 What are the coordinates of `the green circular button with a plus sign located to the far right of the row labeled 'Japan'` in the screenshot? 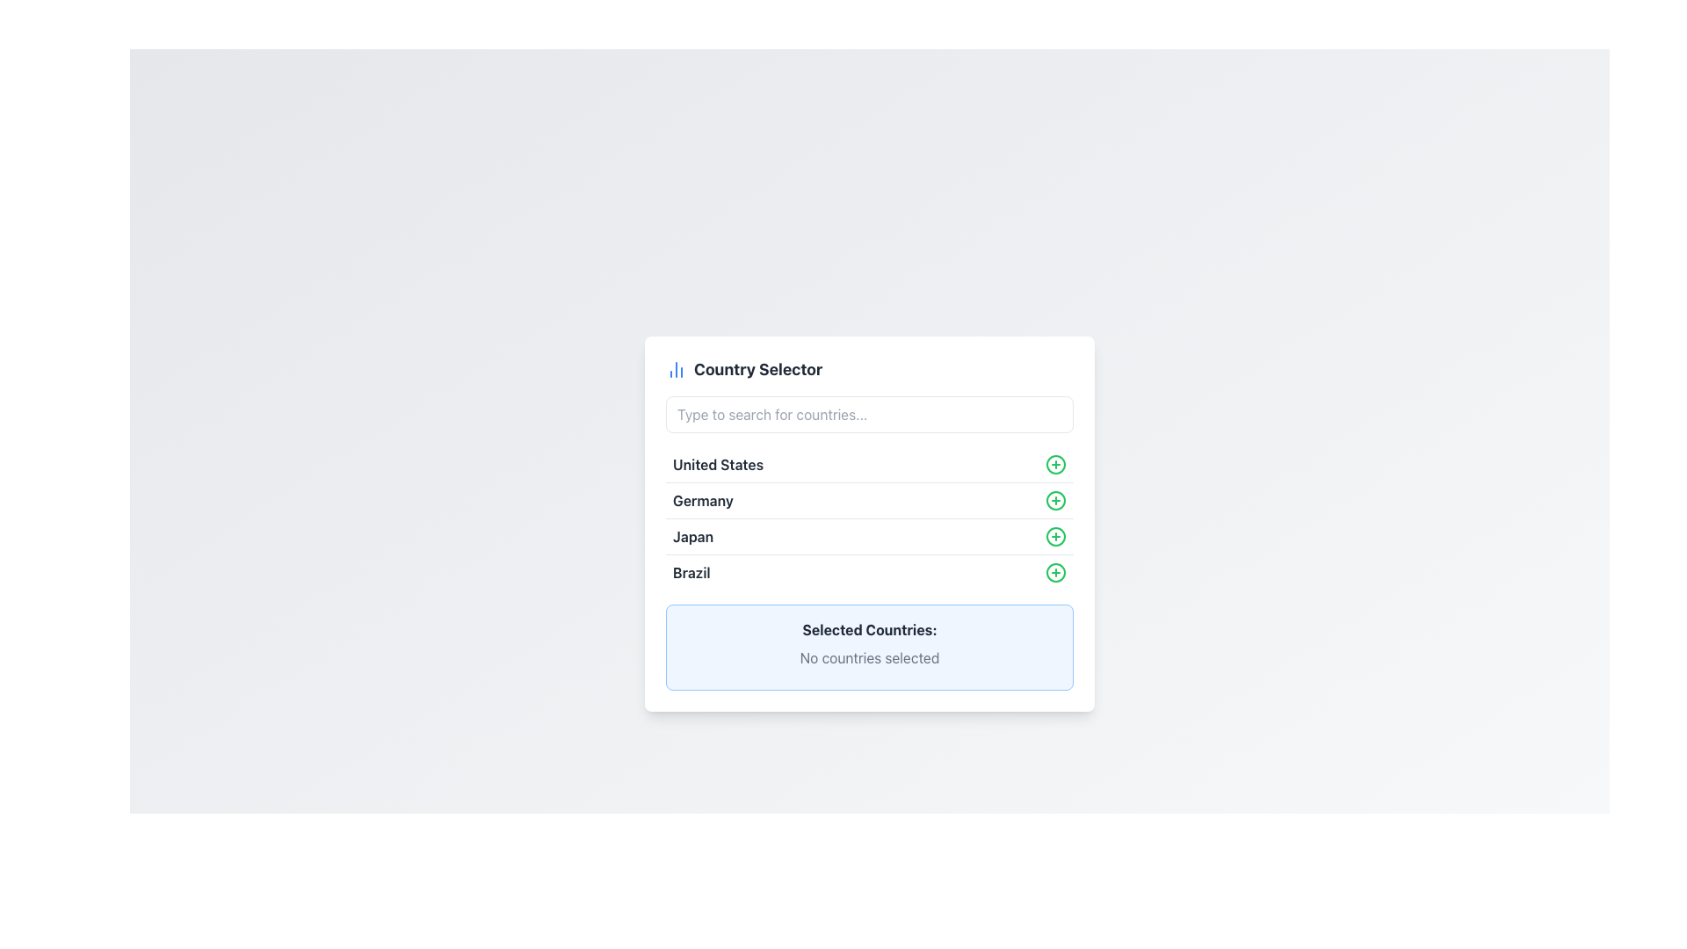 It's located at (1054, 534).